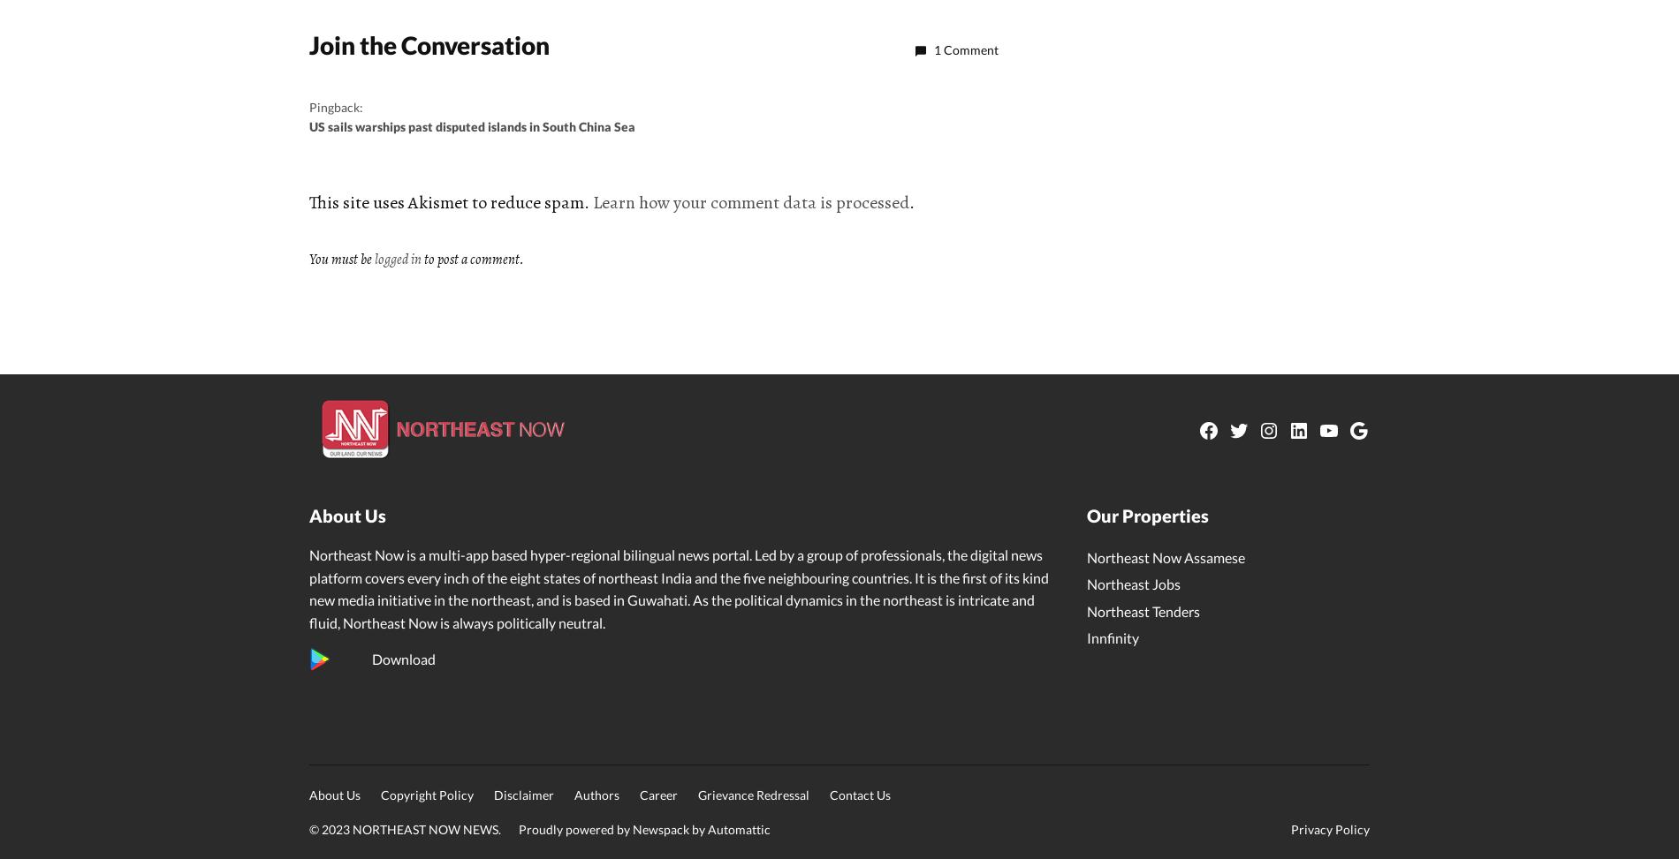  What do you see at coordinates (1330, 828) in the screenshot?
I see `'Privacy Policy'` at bounding box center [1330, 828].